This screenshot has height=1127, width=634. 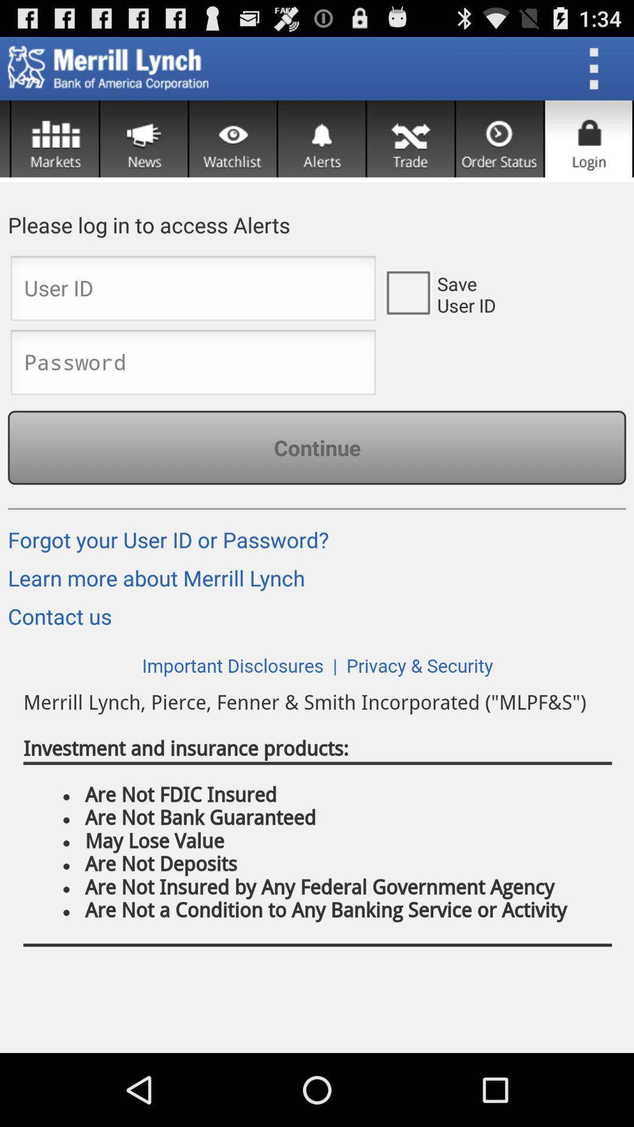 I want to click on new, so click(x=143, y=139).